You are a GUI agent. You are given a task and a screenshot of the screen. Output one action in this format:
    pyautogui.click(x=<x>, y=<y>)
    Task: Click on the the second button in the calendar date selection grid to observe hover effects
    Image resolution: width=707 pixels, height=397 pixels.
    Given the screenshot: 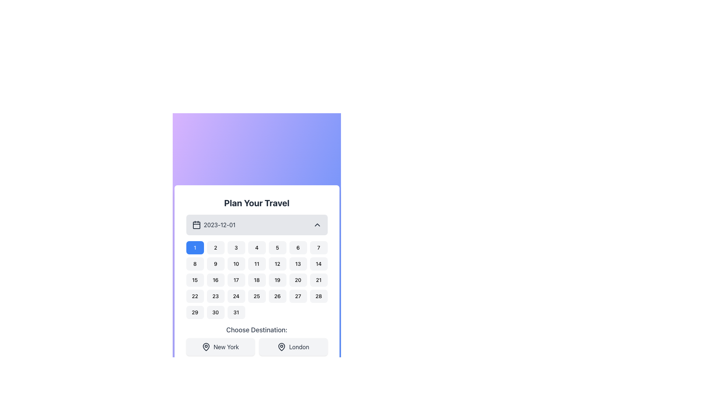 What is the action you would take?
    pyautogui.click(x=215, y=248)
    